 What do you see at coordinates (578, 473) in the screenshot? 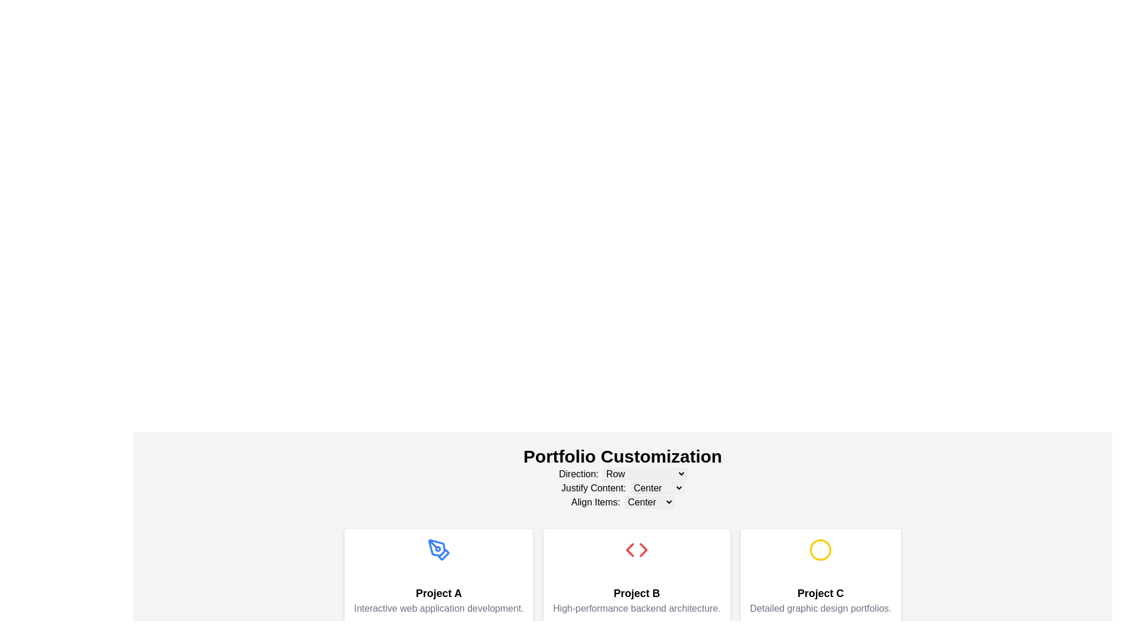
I see `the label that describes the dropdown menu for selecting layout direction, located to the left of the dropdown displaying 'Row', to associate it with its control` at bounding box center [578, 473].